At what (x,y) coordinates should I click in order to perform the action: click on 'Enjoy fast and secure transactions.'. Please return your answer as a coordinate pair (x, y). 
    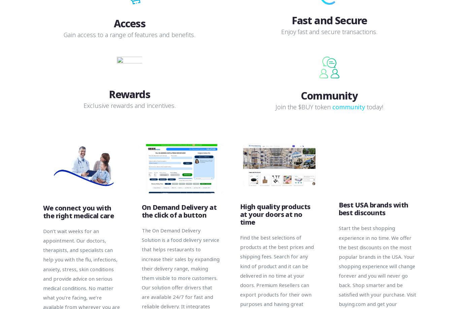
    Looking at the image, I should click on (329, 31).